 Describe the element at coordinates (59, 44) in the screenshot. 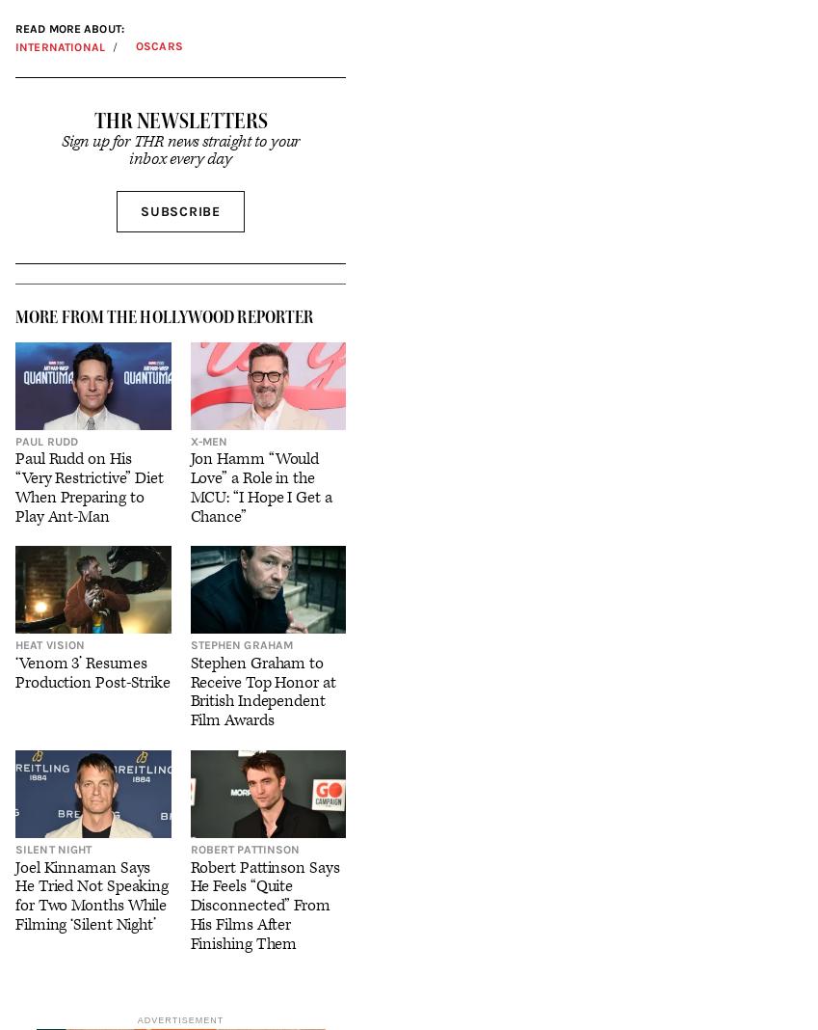

I see `'international'` at that location.